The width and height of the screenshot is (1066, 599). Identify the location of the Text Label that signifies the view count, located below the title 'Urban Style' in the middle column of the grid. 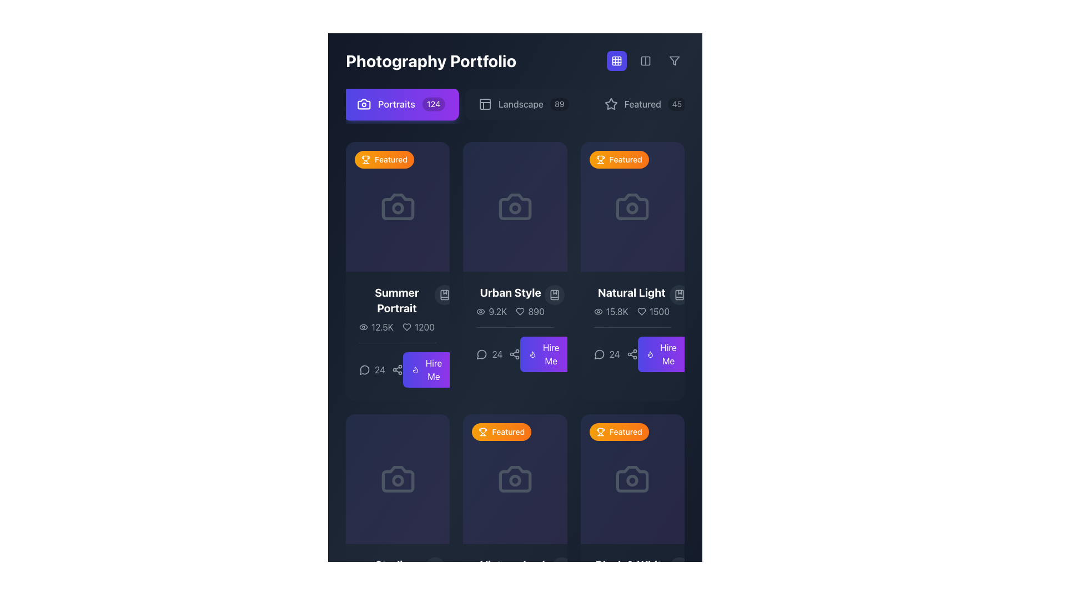
(491, 312).